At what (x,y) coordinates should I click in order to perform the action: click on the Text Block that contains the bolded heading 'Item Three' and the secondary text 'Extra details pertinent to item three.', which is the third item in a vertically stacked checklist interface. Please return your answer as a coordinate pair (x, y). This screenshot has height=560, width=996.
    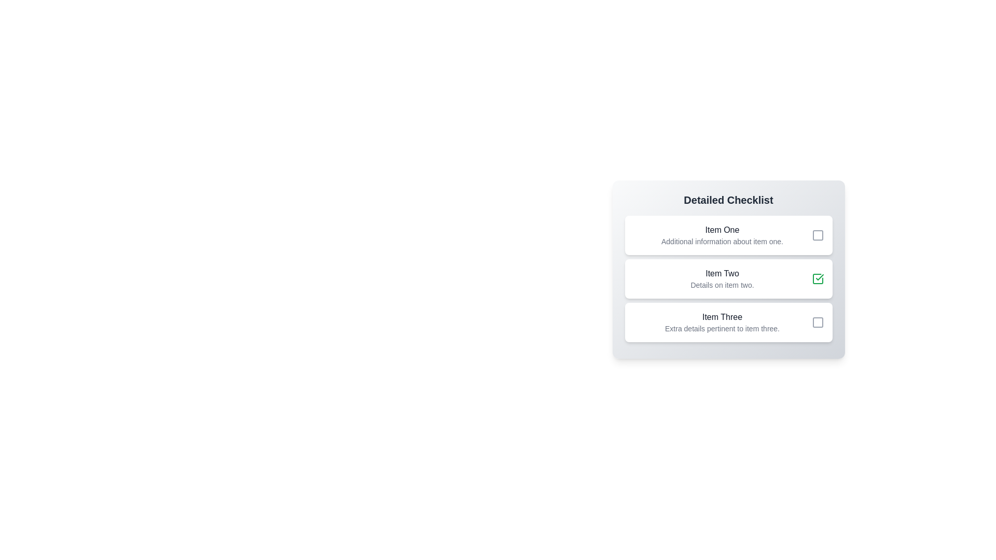
    Looking at the image, I should click on (722, 321).